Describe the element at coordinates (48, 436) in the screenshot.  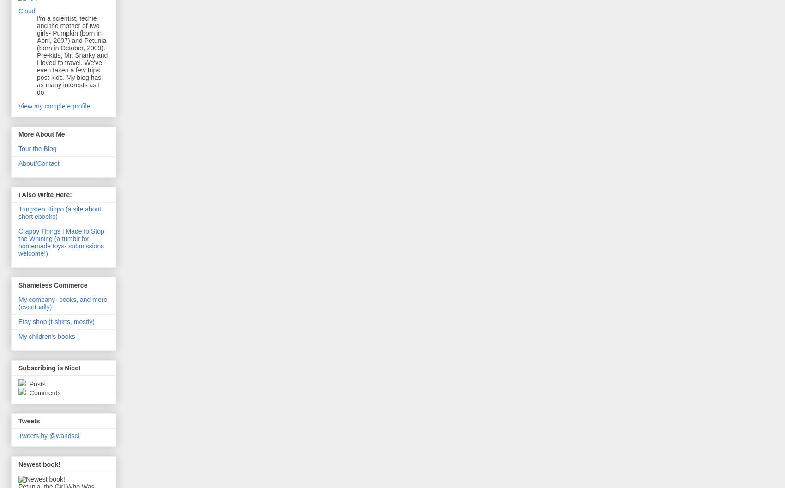
I see `'Tweets by @wandsci'` at that location.